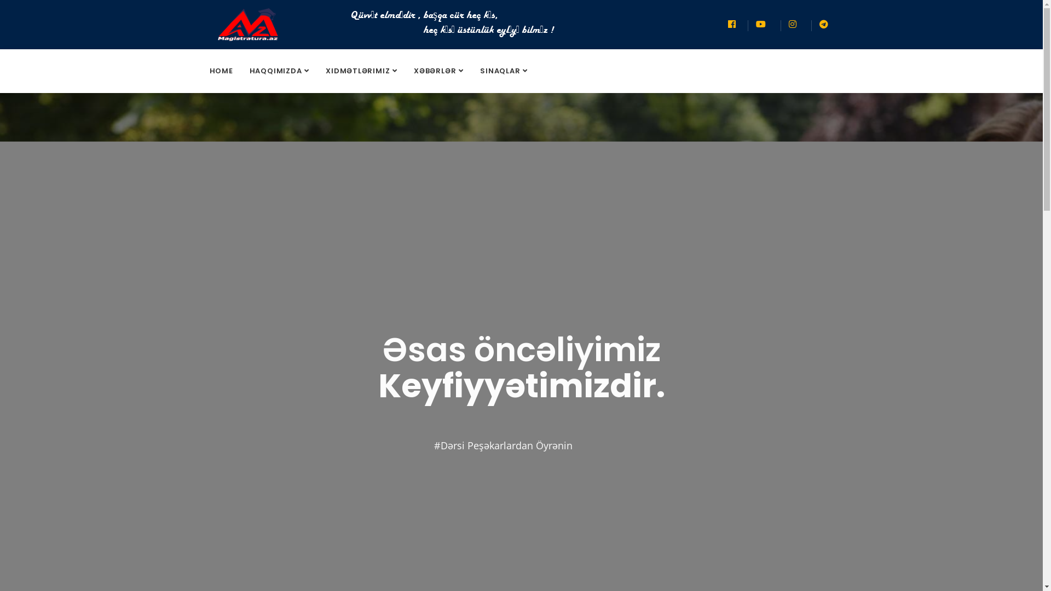 This screenshot has width=1051, height=591. What do you see at coordinates (503, 71) in the screenshot?
I see `'SINAQLAR'` at bounding box center [503, 71].